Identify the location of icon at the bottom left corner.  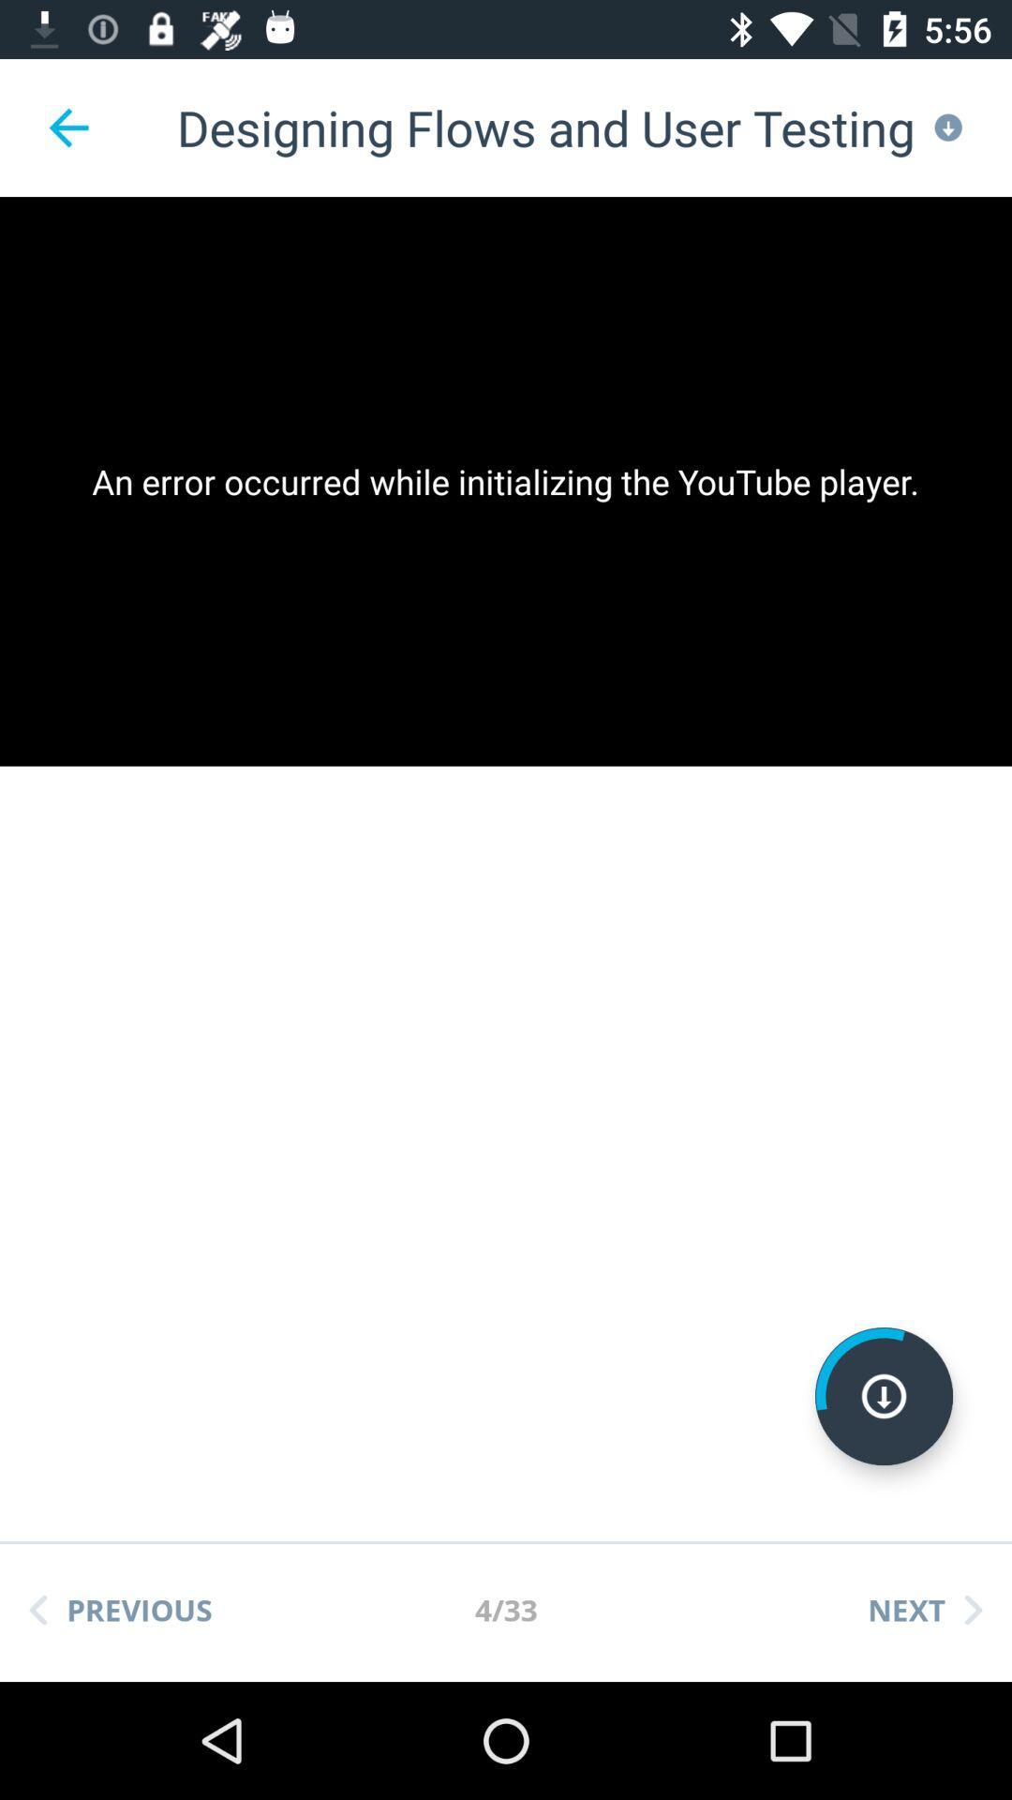
(120, 1609).